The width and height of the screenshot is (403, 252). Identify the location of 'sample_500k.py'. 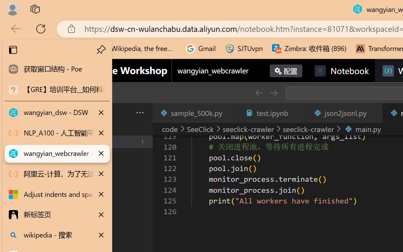
(195, 113).